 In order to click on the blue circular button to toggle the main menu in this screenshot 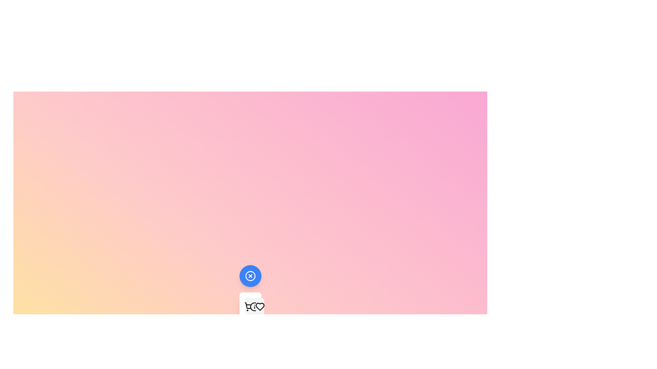, I will do `click(250, 275)`.